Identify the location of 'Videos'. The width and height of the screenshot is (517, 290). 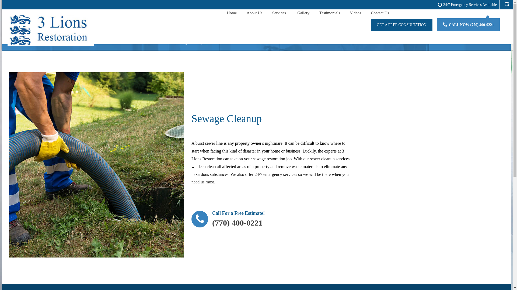
(355, 13).